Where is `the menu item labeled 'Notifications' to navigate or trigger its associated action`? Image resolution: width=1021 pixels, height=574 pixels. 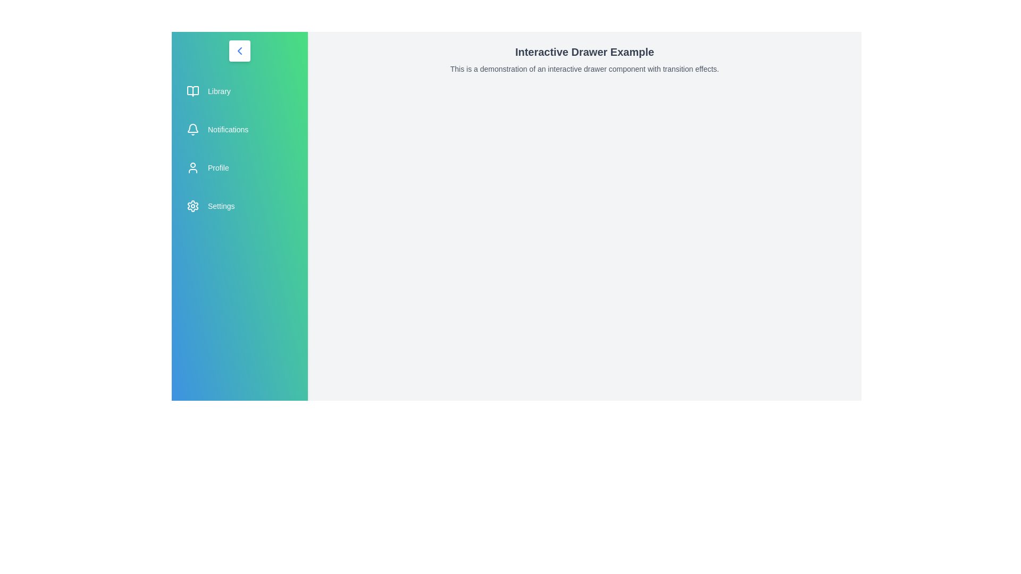
the menu item labeled 'Notifications' to navigate or trigger its associated action is located at coordinates (239, 129).